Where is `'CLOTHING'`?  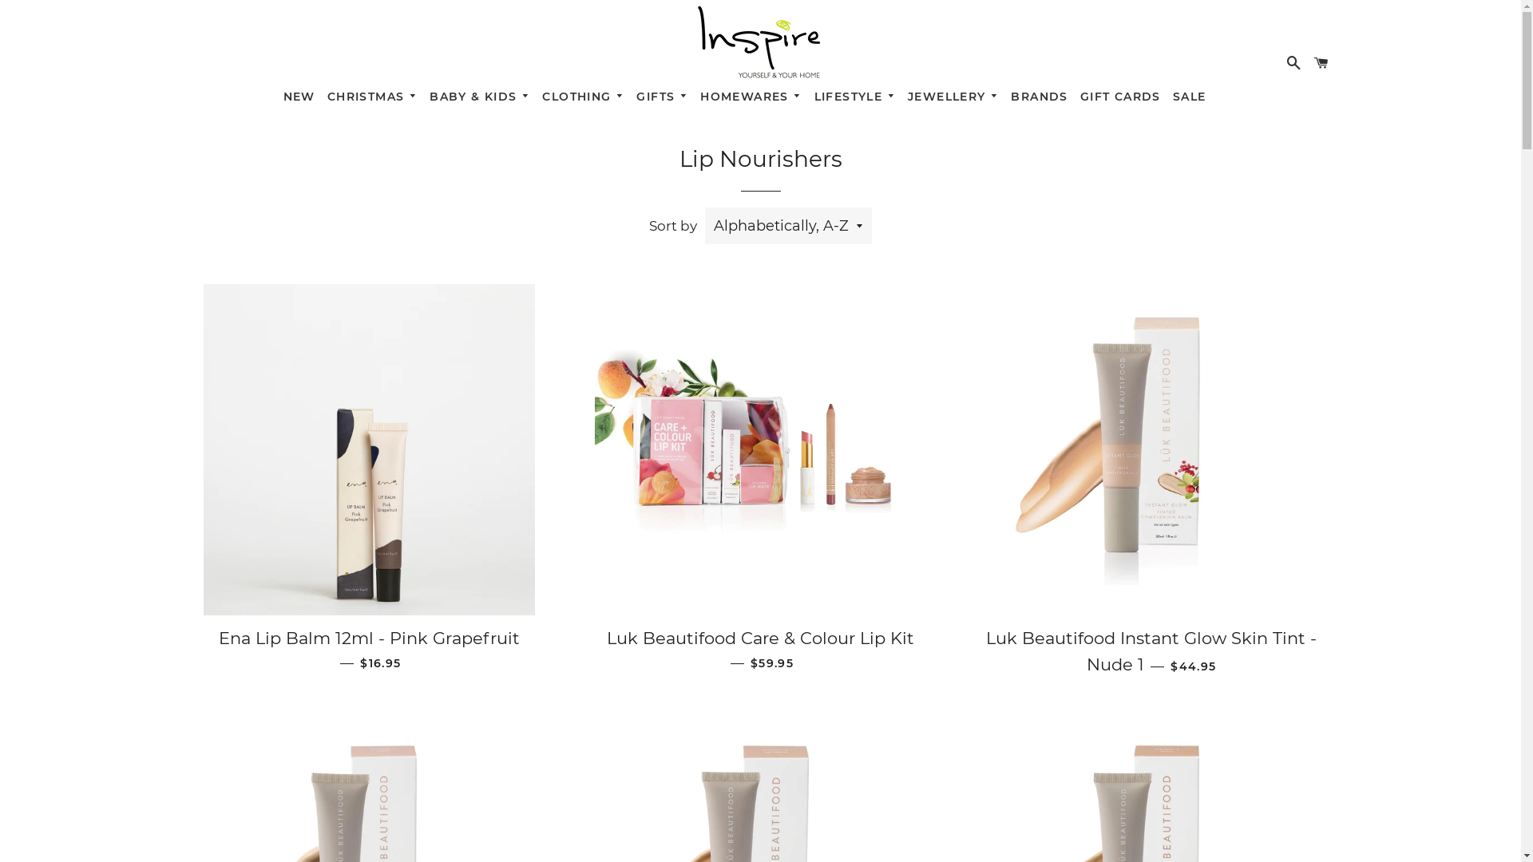 'CLOTHING' is located at coordinates (537, 93).